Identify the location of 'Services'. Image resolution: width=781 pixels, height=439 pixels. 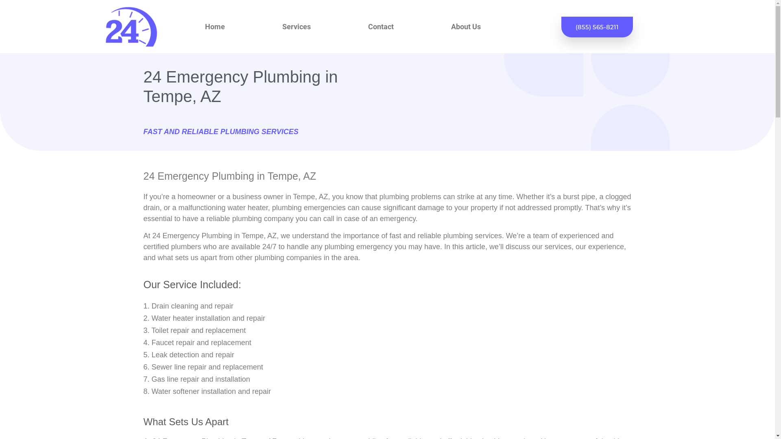
(296, 26).